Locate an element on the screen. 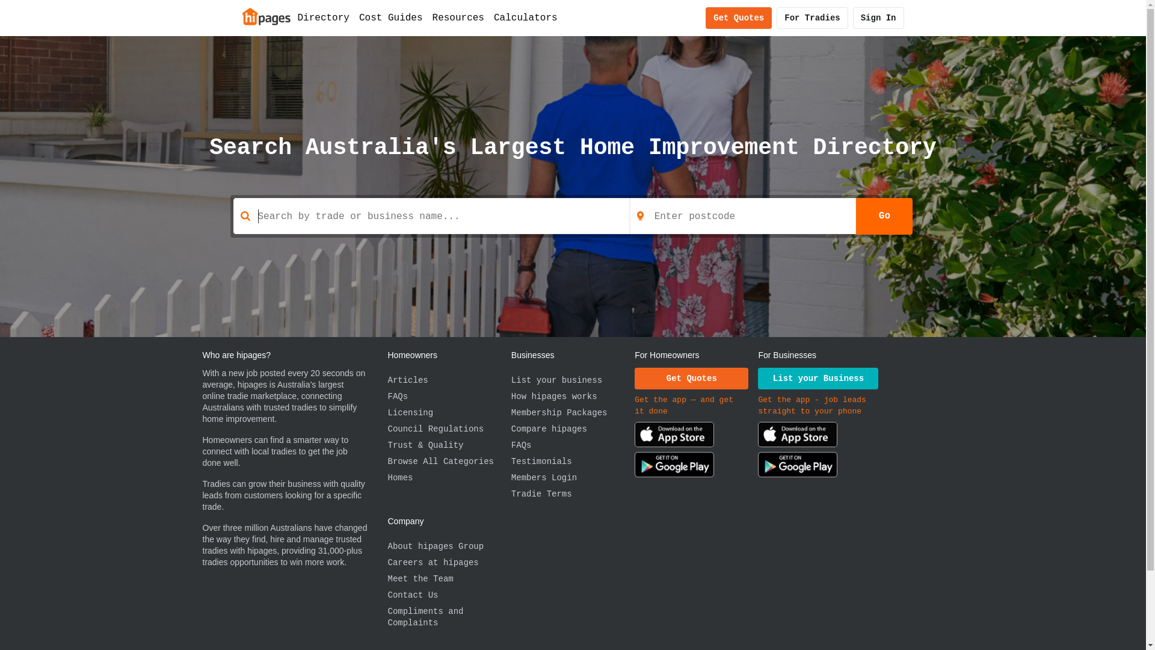 The image size is (1155, 650). 'Members Login' is located at coordinates (511, 477).